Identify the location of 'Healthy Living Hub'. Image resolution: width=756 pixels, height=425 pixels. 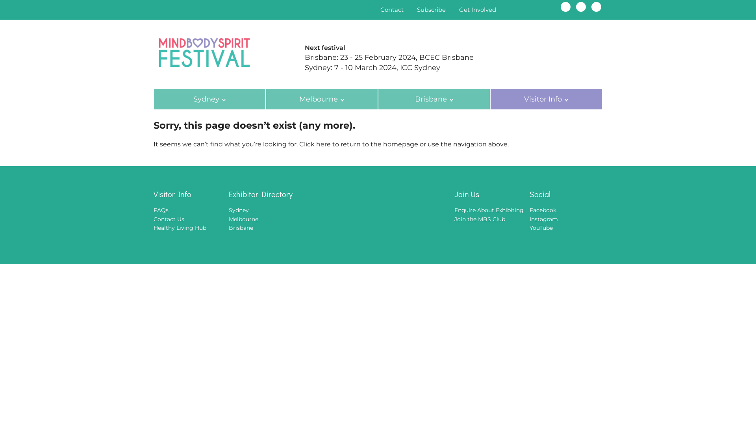
(179, 227).